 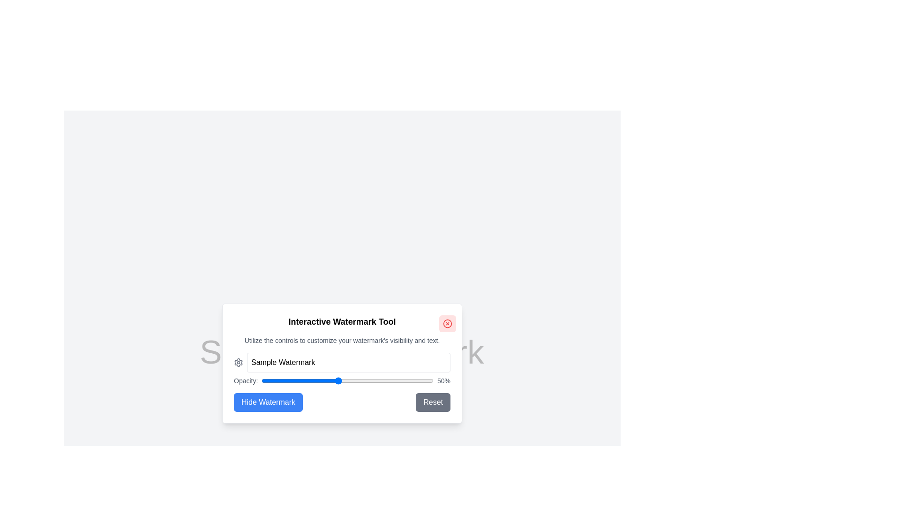 What do you see at coordinates (238, 362) in the screenshot?
I see `the settings icon button located on the leftmost side of the row, adjacent to the input text box with placeholder 'Input watermark text' to invoke its action` at bounding box center [238, 362].